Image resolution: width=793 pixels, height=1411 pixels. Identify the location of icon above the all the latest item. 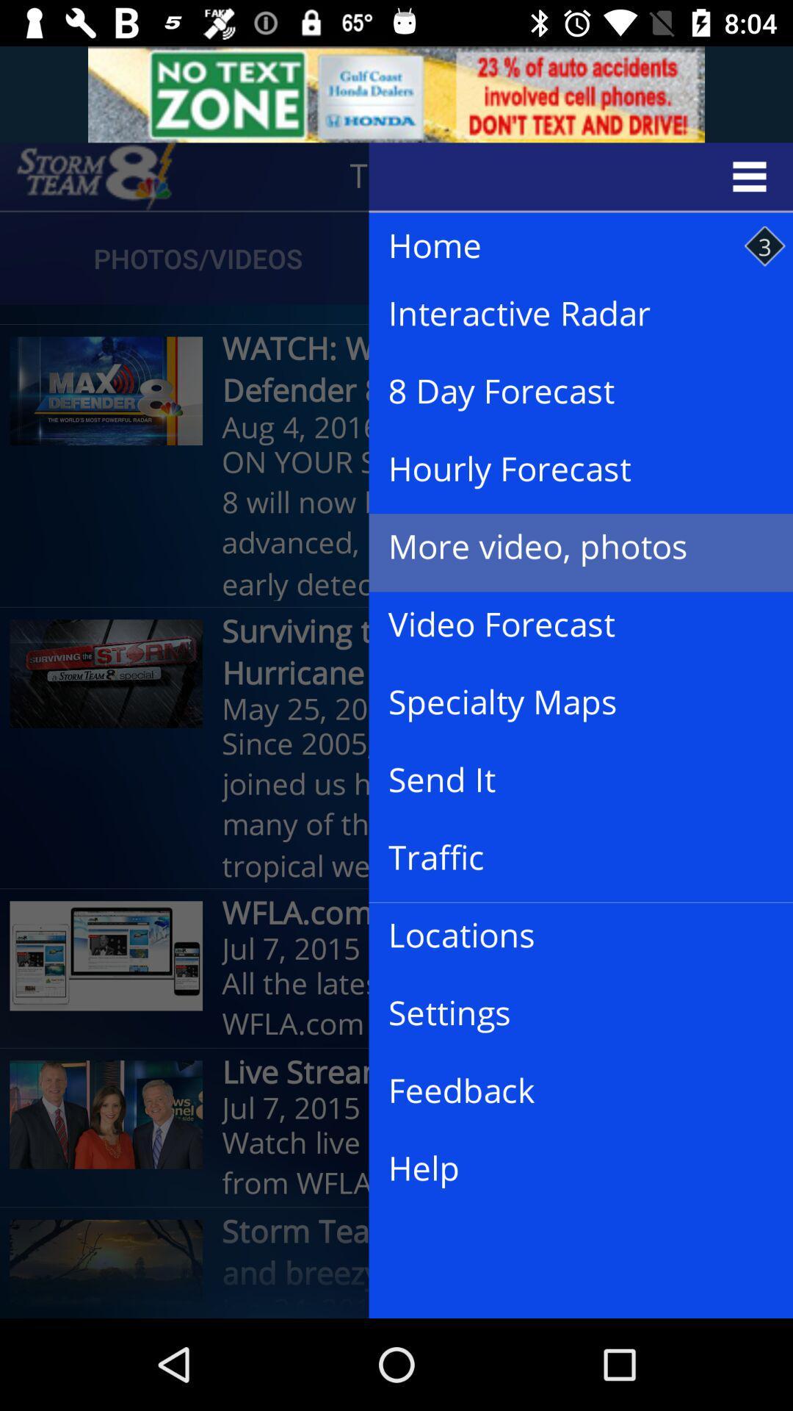
(568, 935).